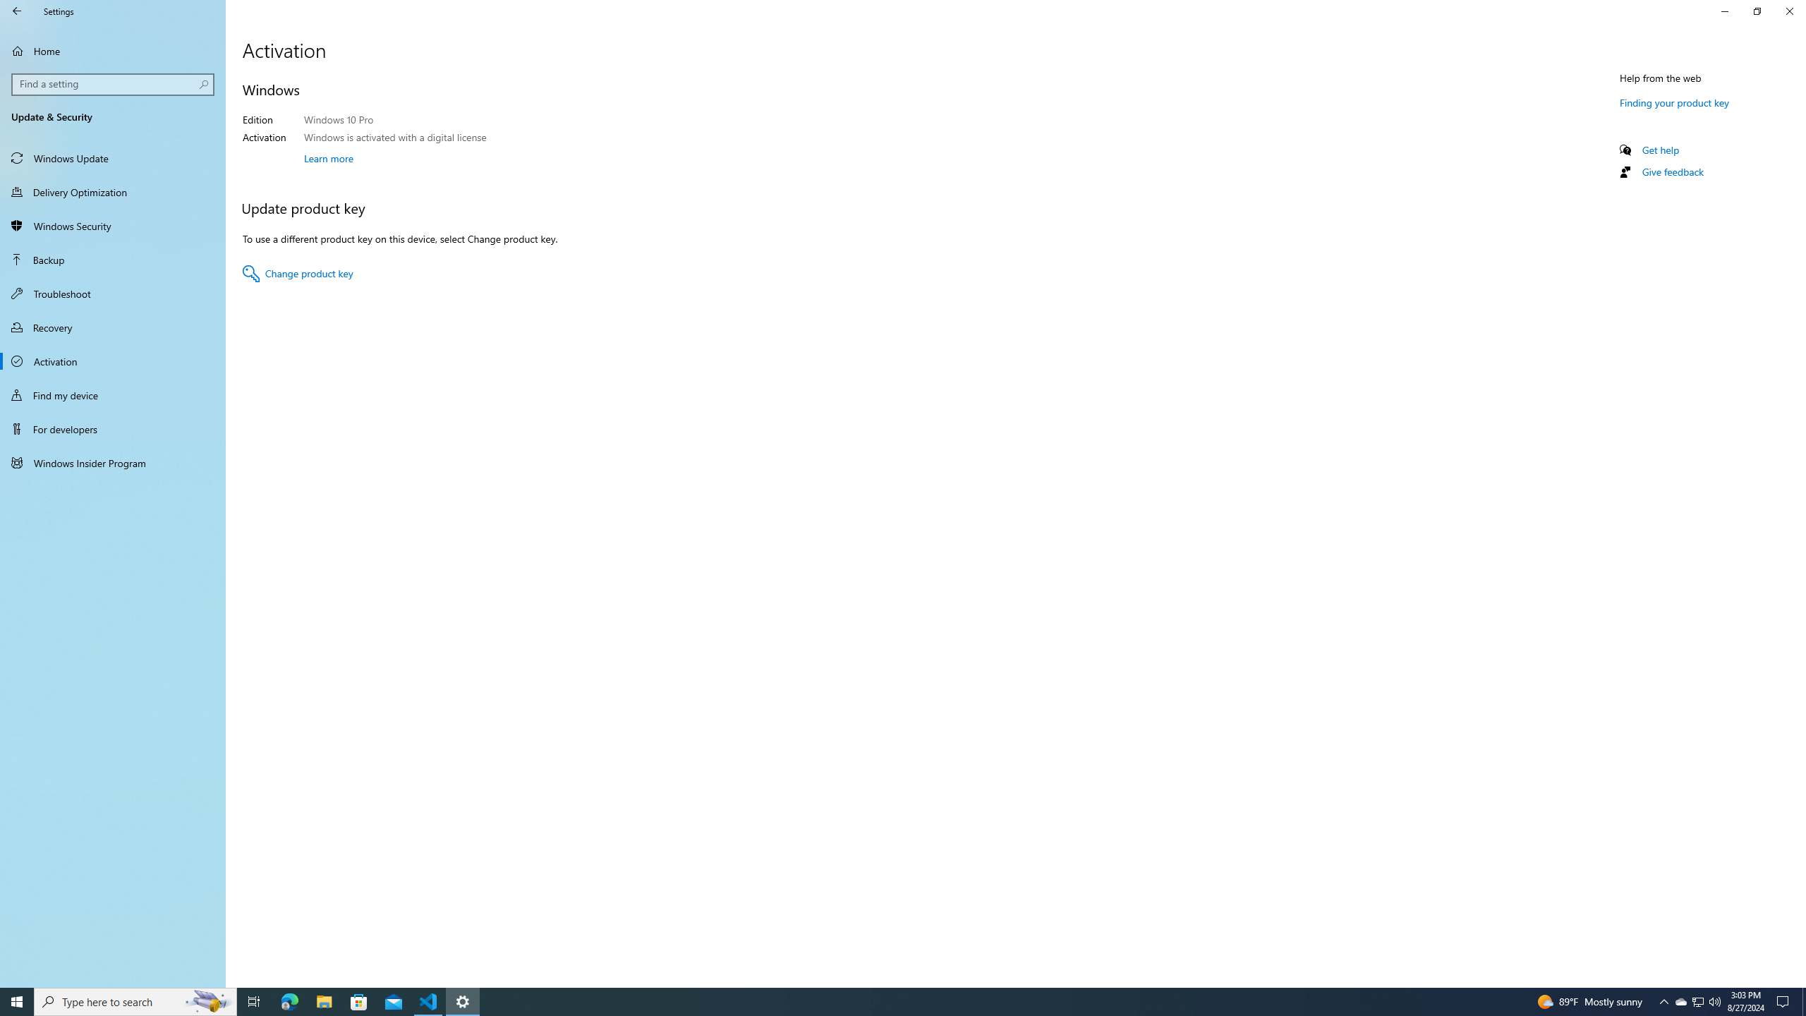 Image resolution: width=1806 pixels, height=1016 pixels. Describe the element at coordinates (112, 157) in the screenshot. I see `'Windows Update'` at that location.